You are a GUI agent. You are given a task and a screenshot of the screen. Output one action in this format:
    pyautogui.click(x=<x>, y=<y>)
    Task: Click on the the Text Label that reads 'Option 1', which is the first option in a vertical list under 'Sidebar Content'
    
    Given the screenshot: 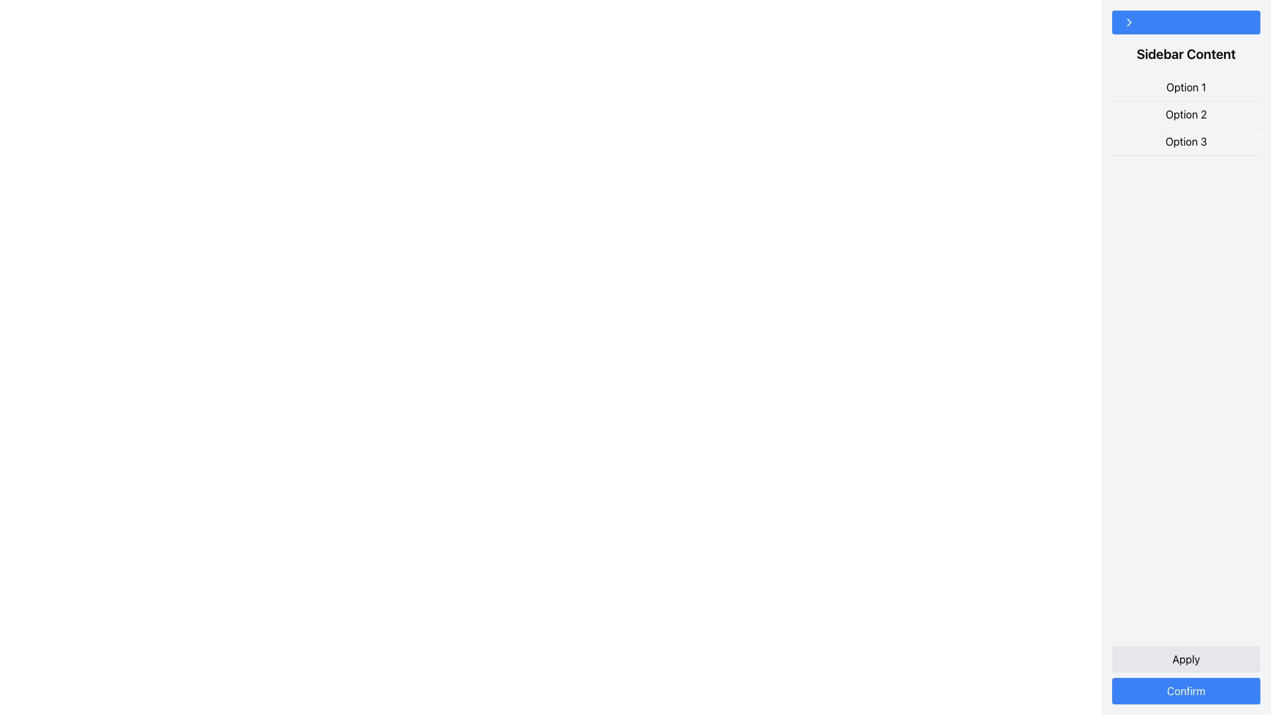 What is the action you would take?
    pyautogui.click(x=1186, y=87)
    